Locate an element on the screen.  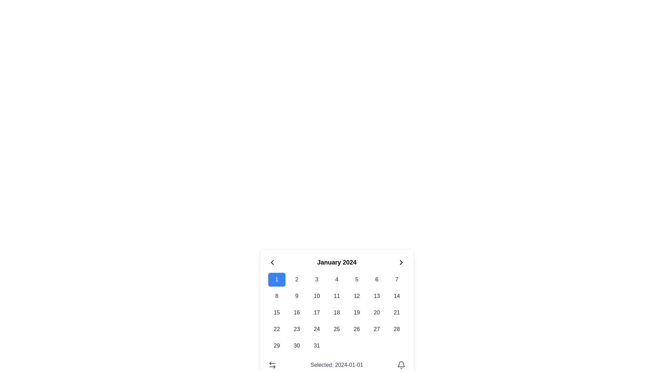
the '18th' day button in the calendar for January 2024 is located at coordinates (337, 312).